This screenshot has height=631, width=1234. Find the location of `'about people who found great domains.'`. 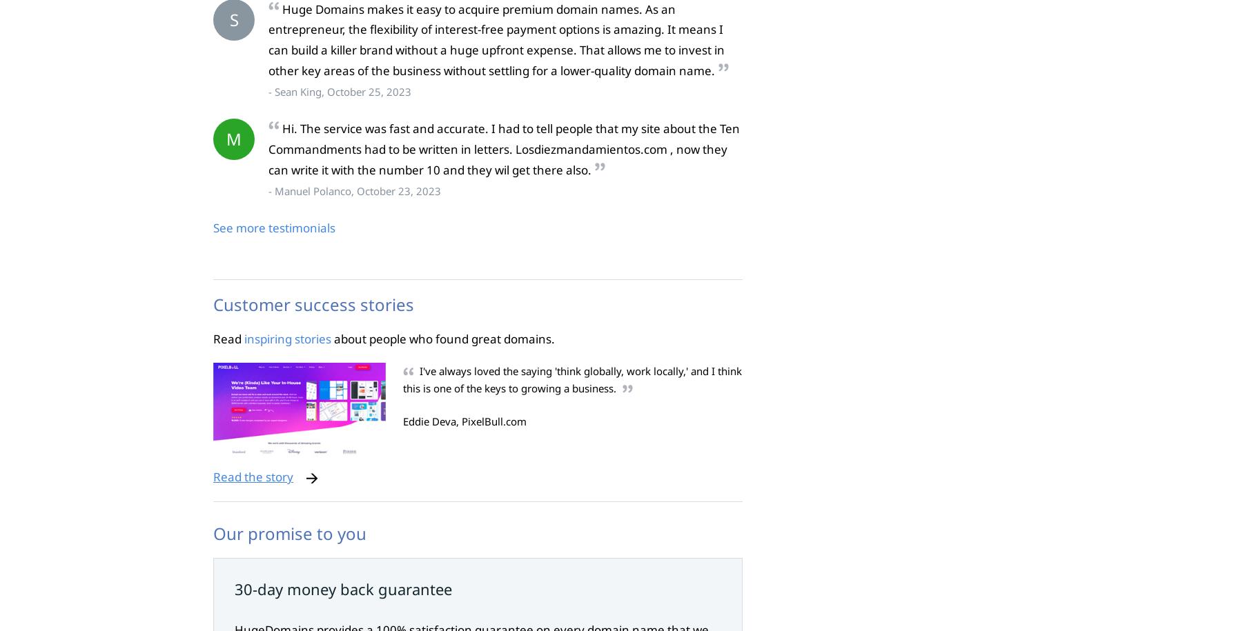

'about people who found great domains.' is located at coordinates (443, 337).